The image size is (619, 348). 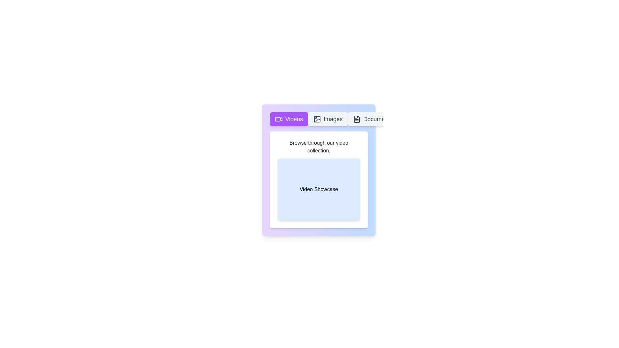 What do you see at coordinates (278, 119) in the screenshot?
I see `the purple rectangle with rounded corners located within the 'Videos' tab icon in the top-left section of the interface` at bounding box center [278, 119].